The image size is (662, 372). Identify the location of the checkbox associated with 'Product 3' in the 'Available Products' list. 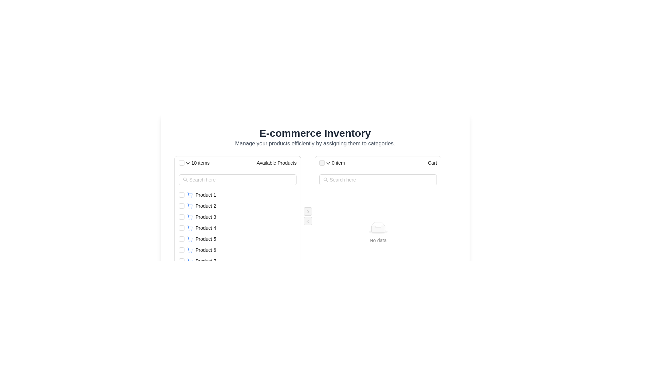
(182, 216).